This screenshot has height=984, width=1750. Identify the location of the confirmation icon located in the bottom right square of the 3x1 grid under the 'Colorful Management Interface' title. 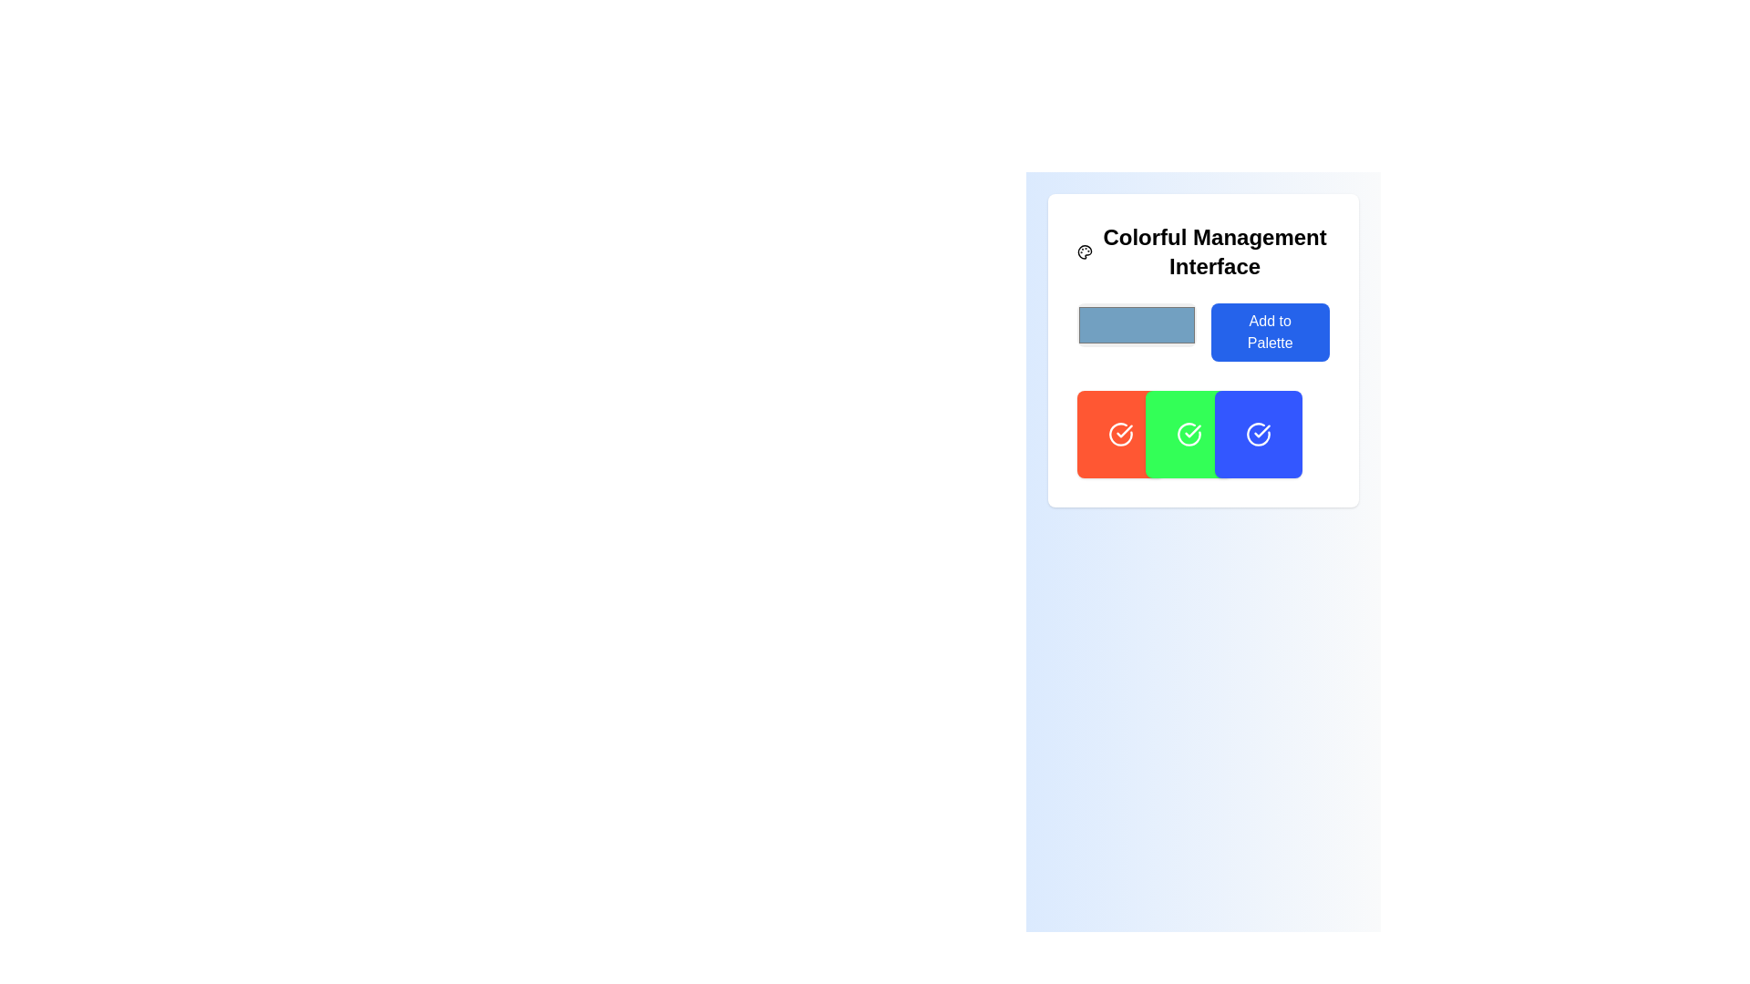
(1257, 435).